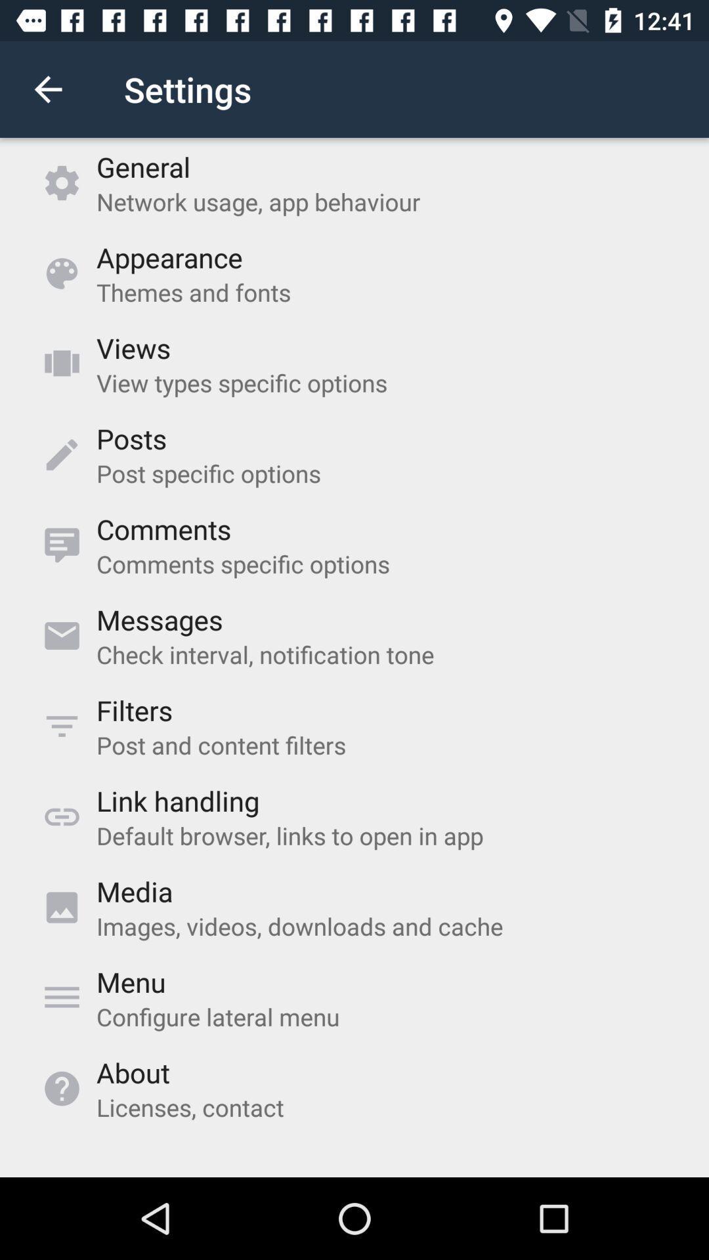 This screenshot has width=709, height=1260. Describe the element at coordinates (169, 257) in the screenshot. I see `the icon below network usage app icon` at that location.